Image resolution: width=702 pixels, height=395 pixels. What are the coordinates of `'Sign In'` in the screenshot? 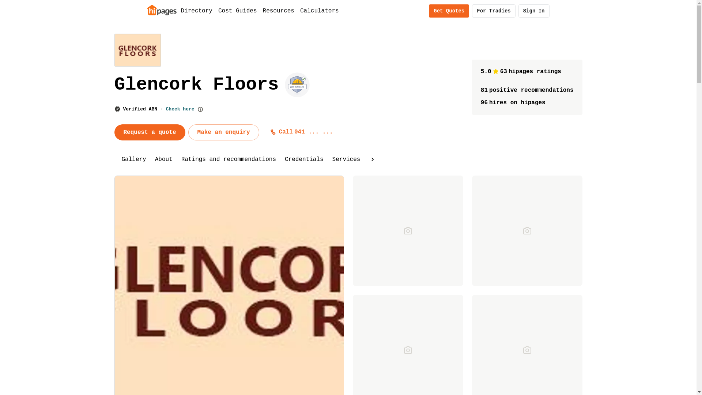 It's located at (534, 11).